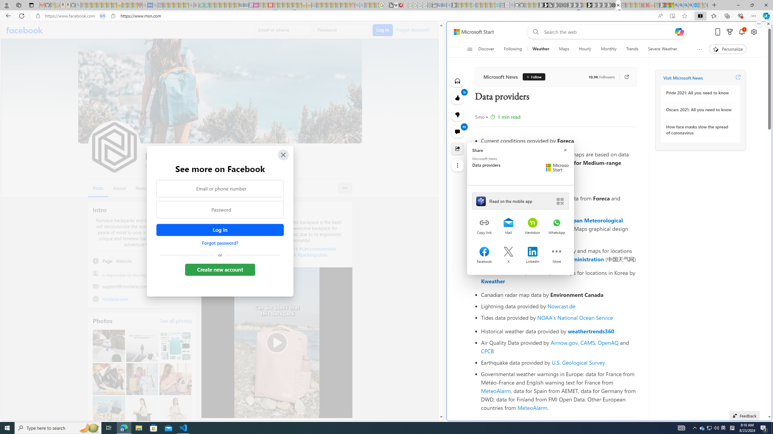 This screenshot has width=773, height=434. I want to click on 'Listen to this article', so click(457, 81).